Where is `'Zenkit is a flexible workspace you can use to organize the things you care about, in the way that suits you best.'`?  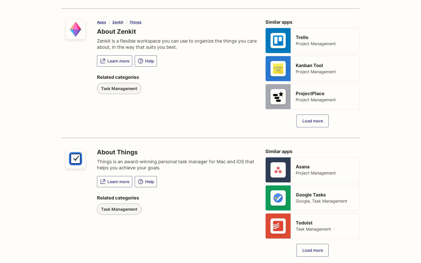 'Zenkit is a flexible workspace you can use to organize the things you care about, in the way that suits you best.' is located at coordinates (177, 44).